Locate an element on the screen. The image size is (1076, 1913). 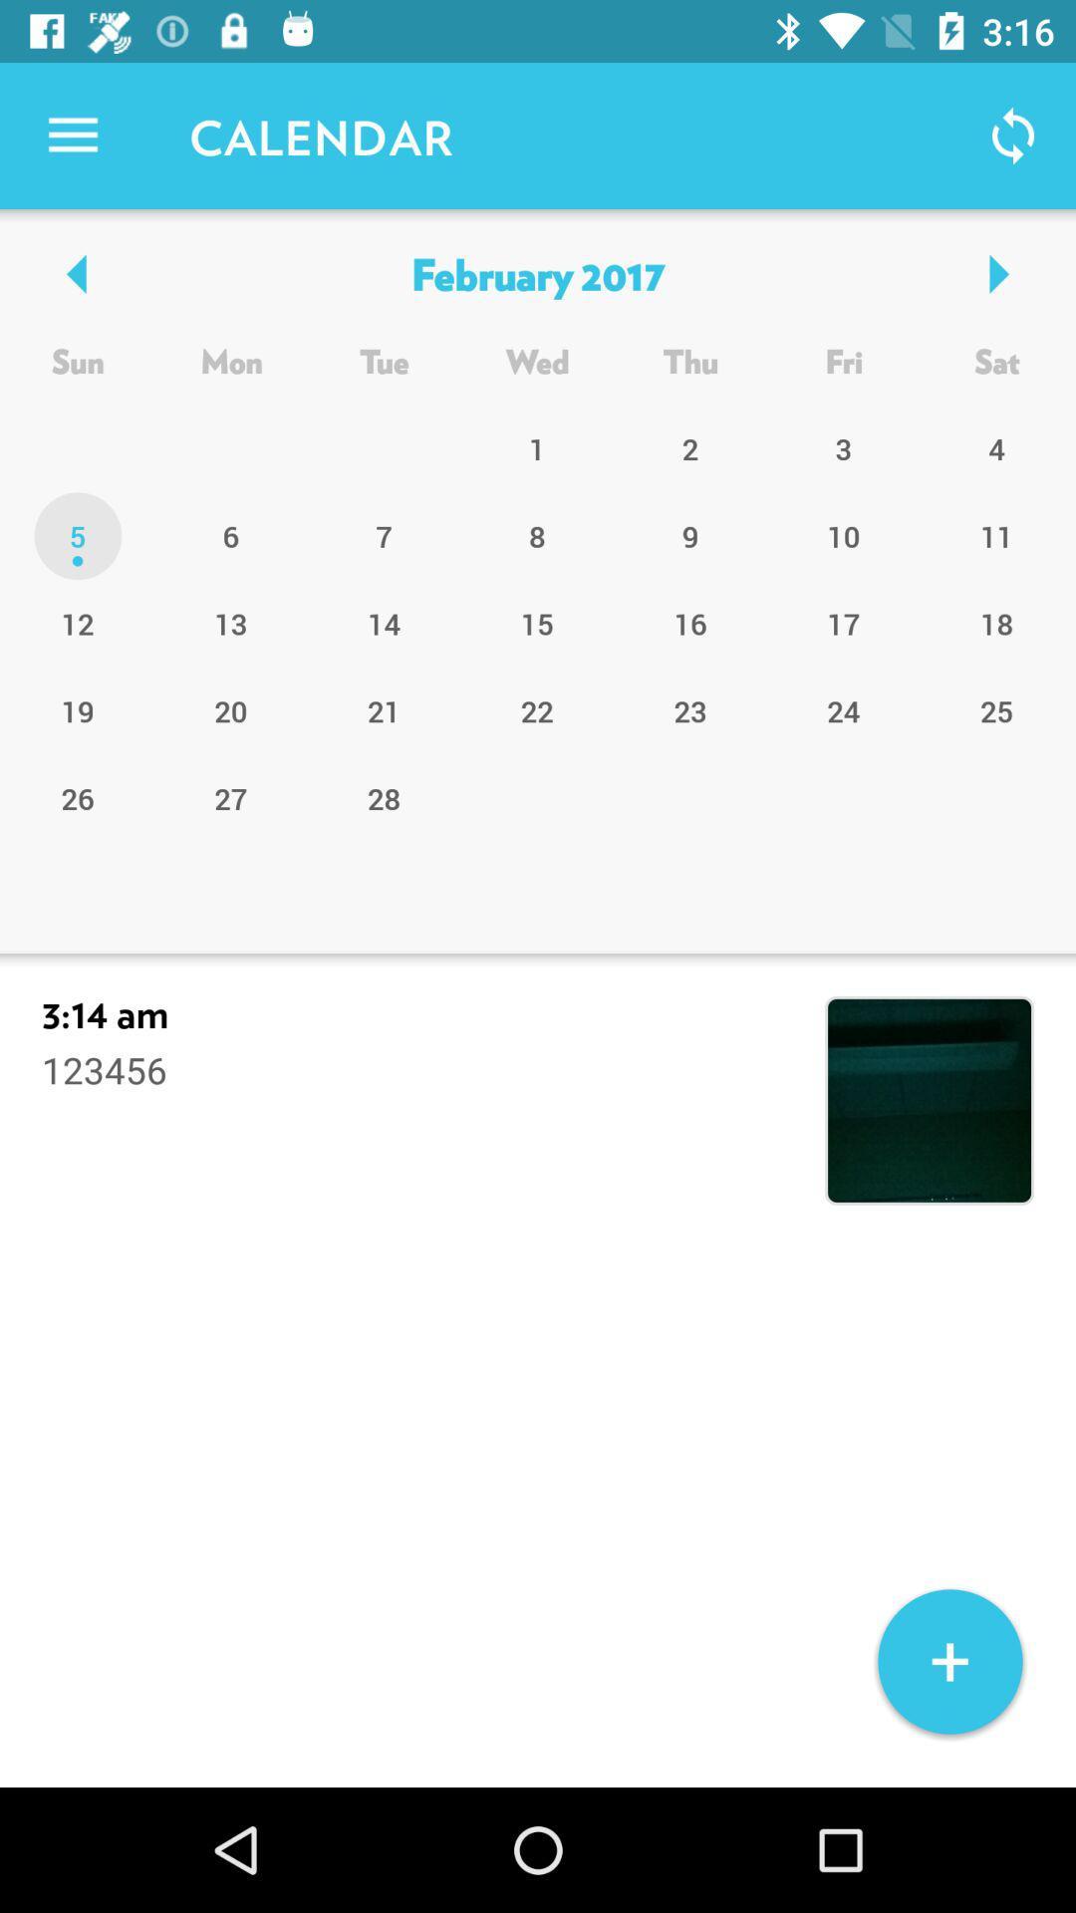
the item to the left of the 21 icon is located at coordinates (230, 798).